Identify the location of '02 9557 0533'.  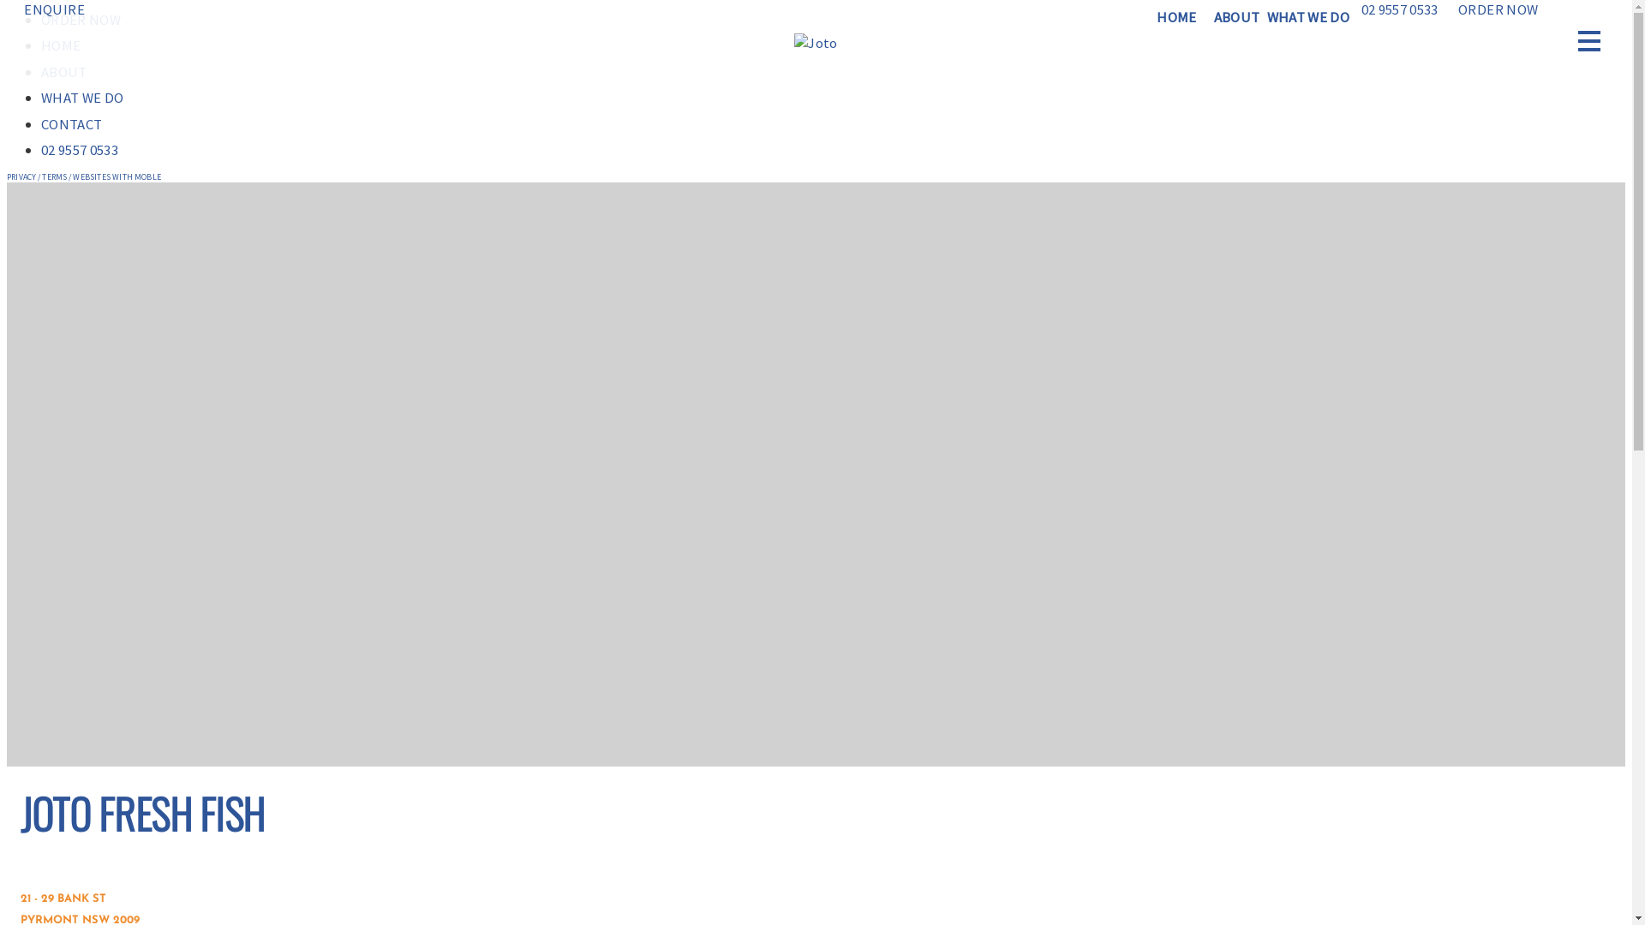
(1353, 9).